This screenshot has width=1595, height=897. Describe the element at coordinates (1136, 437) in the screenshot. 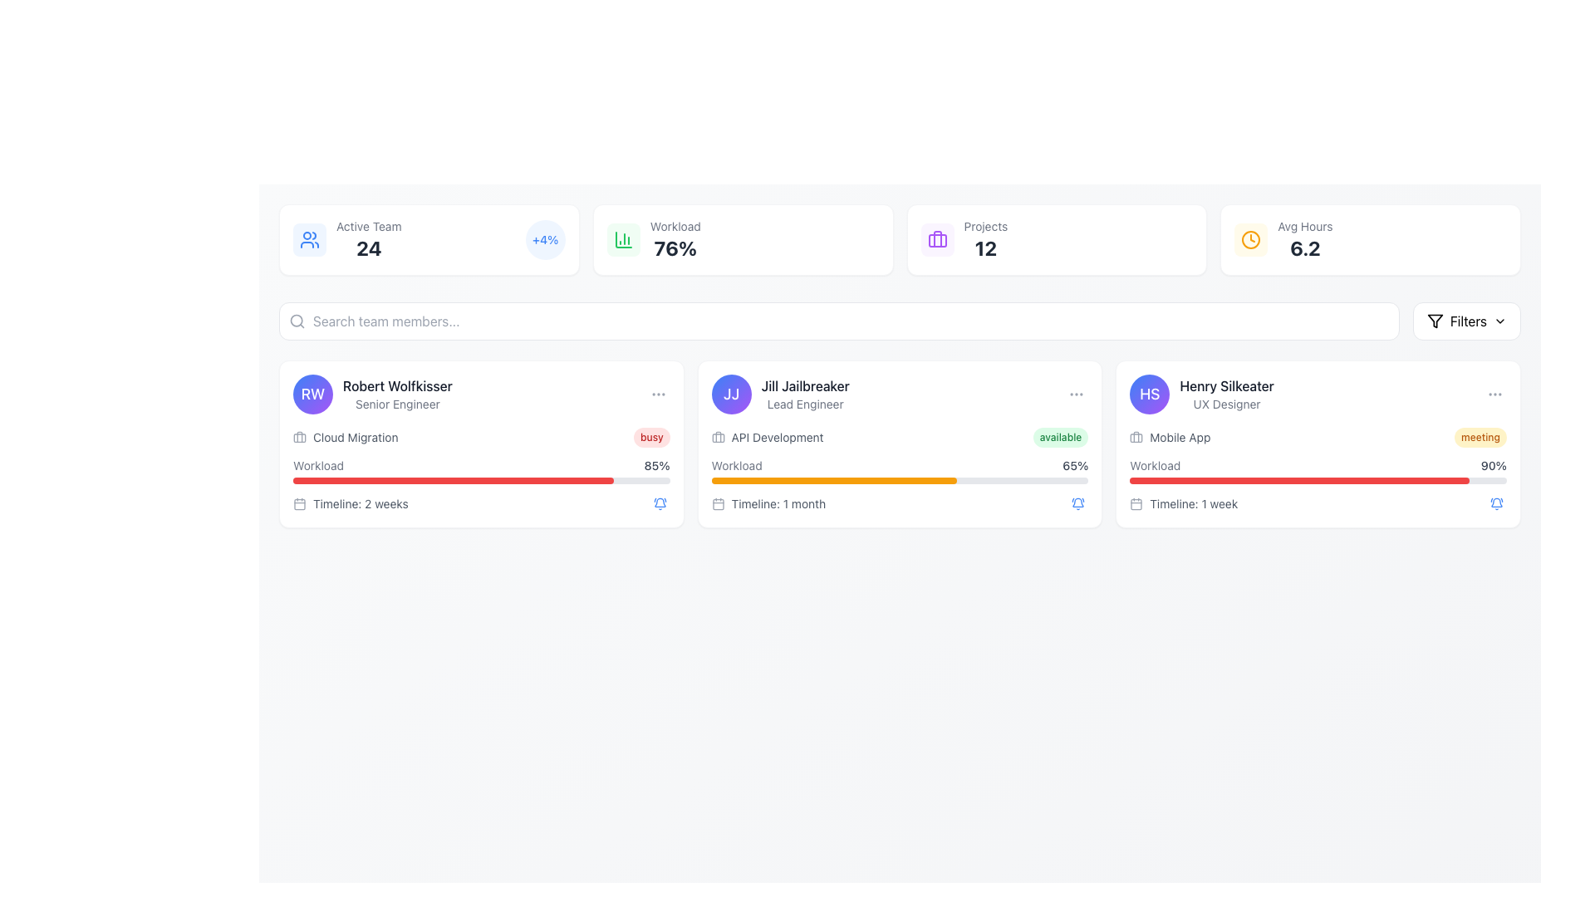

I see `the icon located to the immediate left of the text 'Mobile App' within the third card of the 'Henry Silkeater' UX Designer section` at that location.